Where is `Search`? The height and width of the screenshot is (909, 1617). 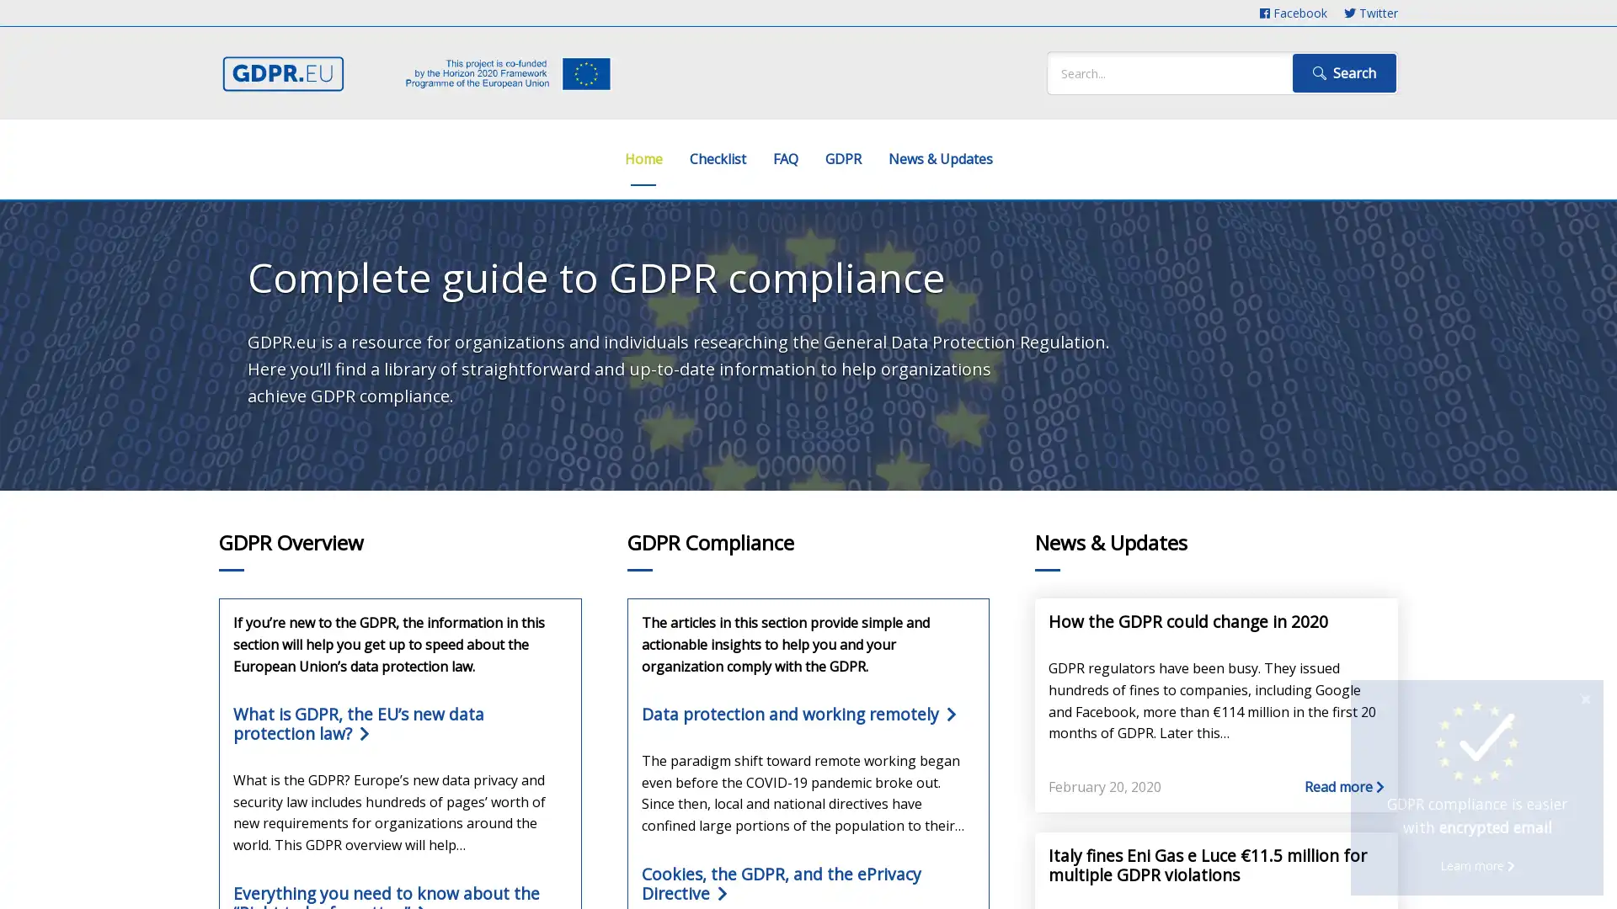
Search is located at coordinates (1343, 72).